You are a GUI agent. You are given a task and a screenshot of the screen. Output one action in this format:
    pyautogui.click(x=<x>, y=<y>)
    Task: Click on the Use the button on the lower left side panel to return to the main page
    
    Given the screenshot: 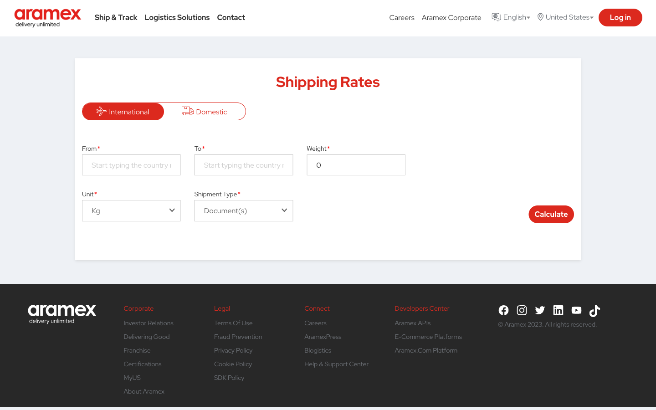 What is the action you would take?
    pyautogui.click(x=61, y=309)
    